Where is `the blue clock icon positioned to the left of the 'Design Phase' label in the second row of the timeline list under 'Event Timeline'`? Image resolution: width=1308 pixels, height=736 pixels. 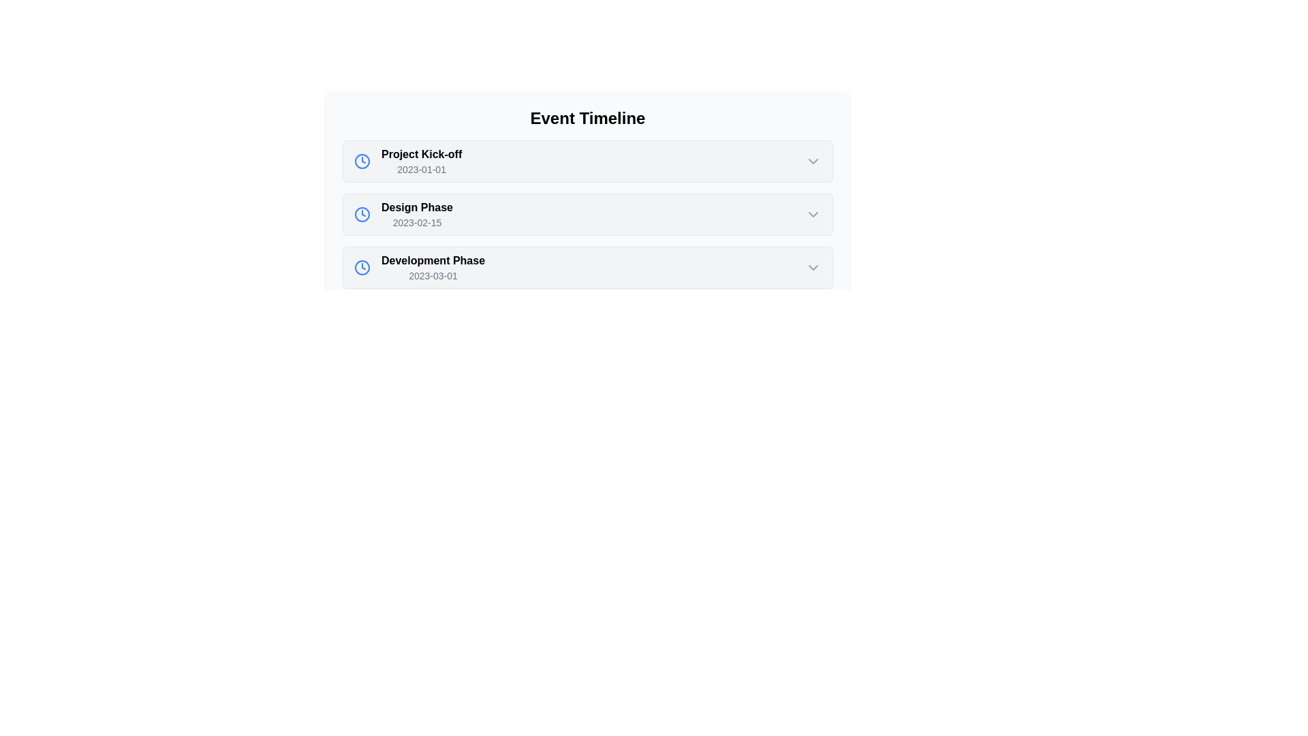 the blue clock icon positioned to the left of the 'Design Phase' label in the second row of the timeline list under 'Event Timeline' is located at coordinates (362, 215).